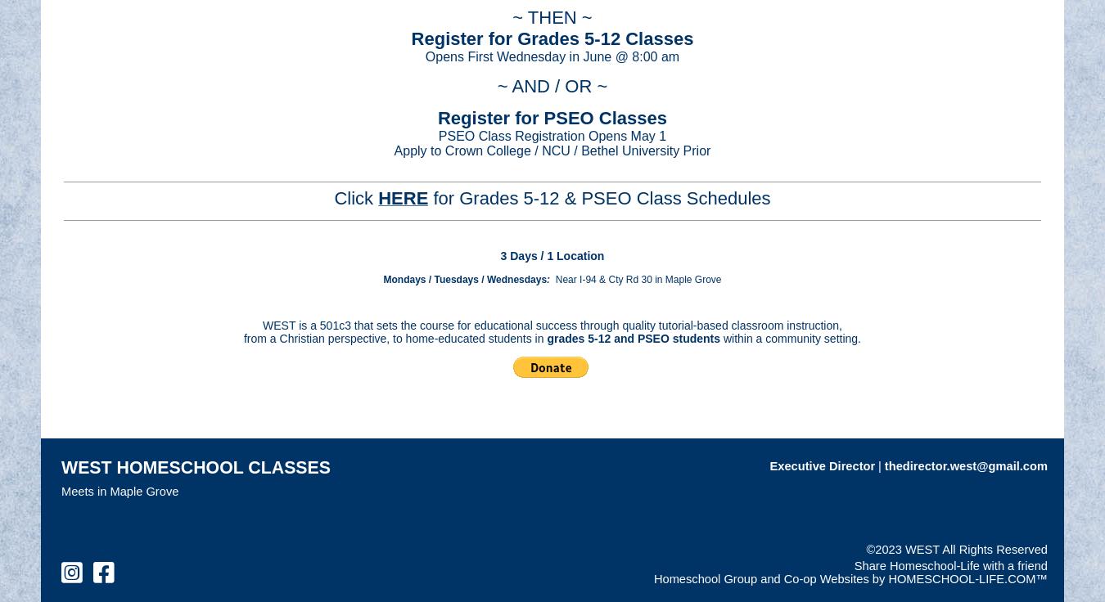 The image size is (1105, 602). I want to click on 'HERE', so click(377, 197).